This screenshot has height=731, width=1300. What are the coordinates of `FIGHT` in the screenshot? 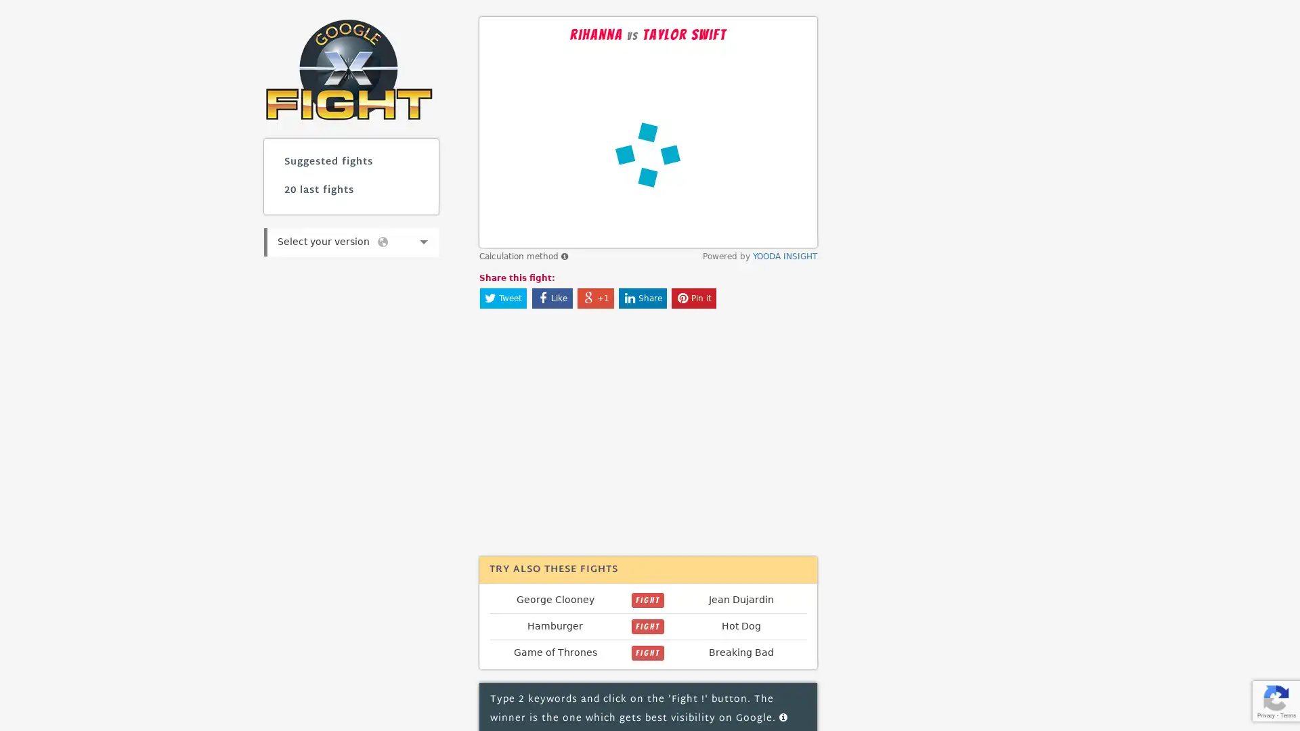 It's located at (647, 600).